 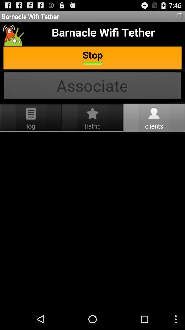 What do you see at coordinates (92, 220) in the screenshot?
I see `check client list` at bounding box center [92, 220].